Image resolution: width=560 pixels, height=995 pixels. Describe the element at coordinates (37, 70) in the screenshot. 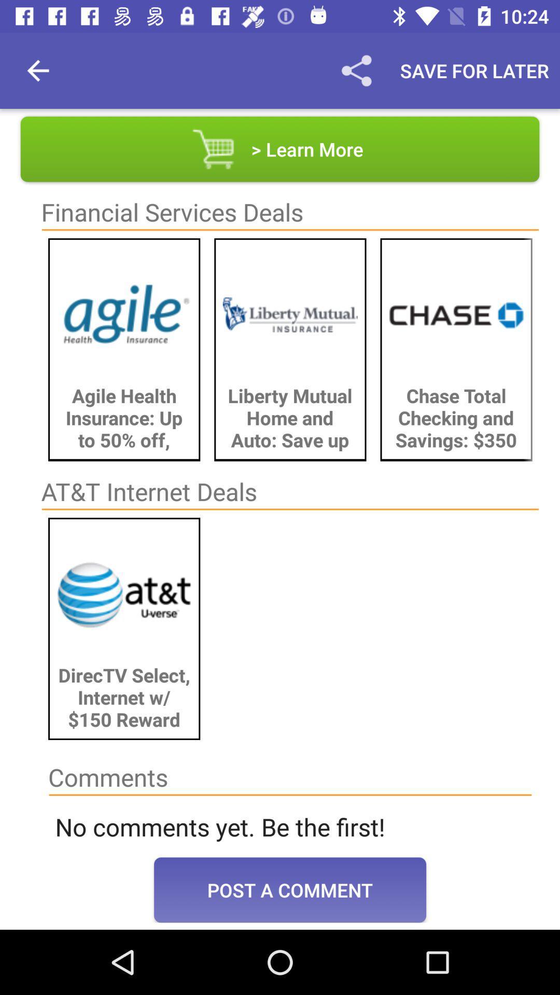

I see `item above the > learn more item` at that location.